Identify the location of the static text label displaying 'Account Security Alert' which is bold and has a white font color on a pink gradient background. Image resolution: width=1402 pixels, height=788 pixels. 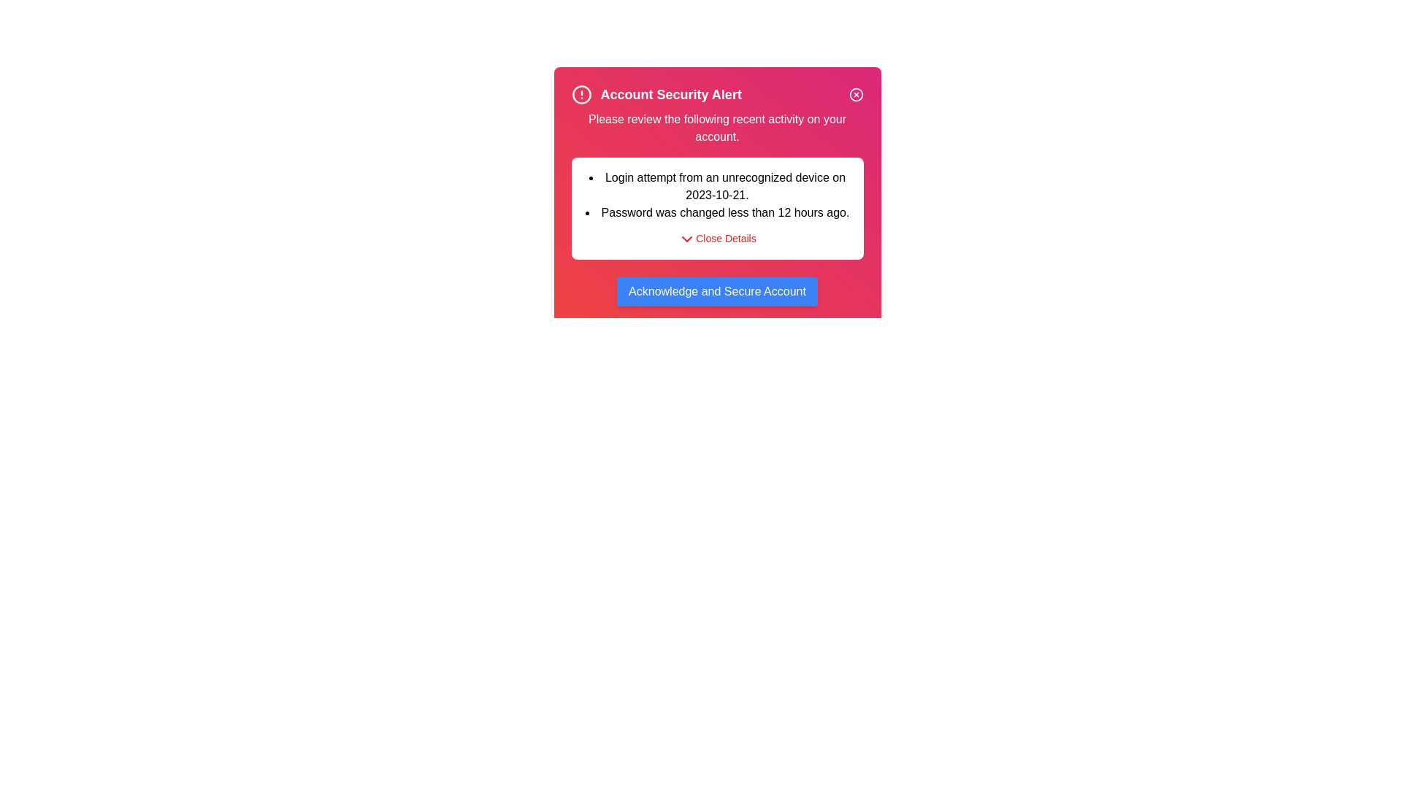
(670, 95).